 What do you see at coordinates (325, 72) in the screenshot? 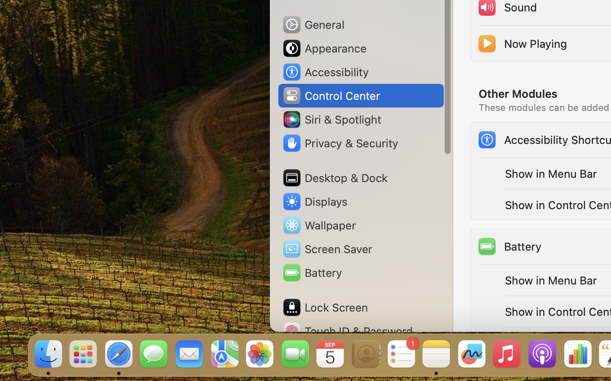
I see `'Accessibility'` at bounding box center [325, 72].